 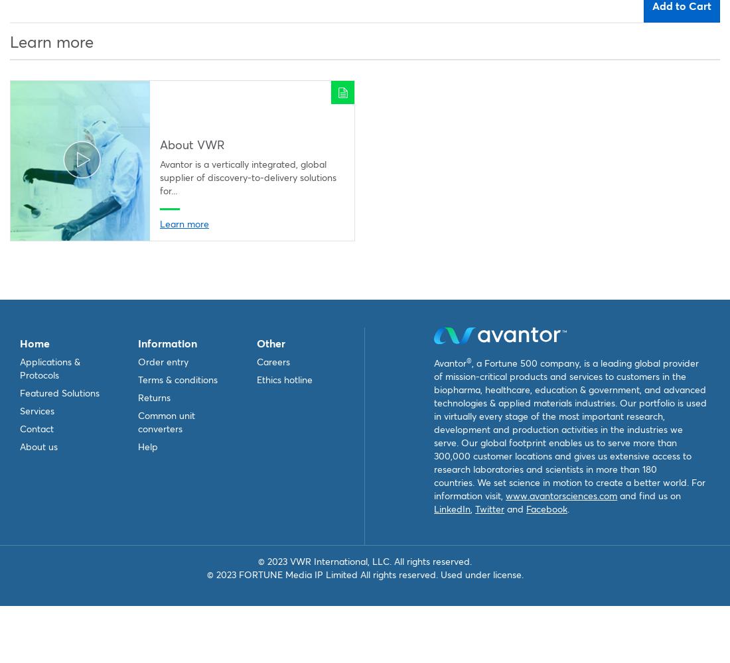 What do you see at coordinates (561, 495) in the screenshot?
I see `'www.avantorsciences.com'` at bounding box center [561, 495].